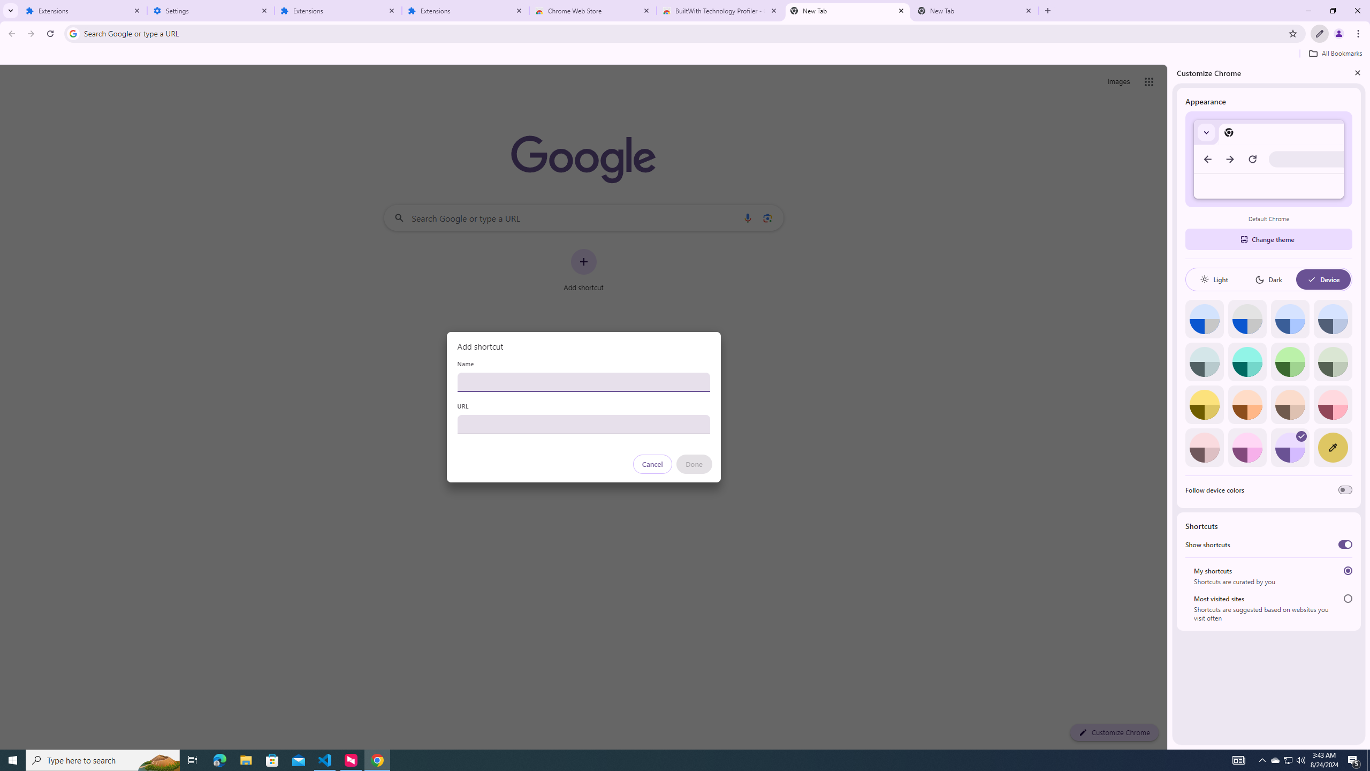  Describe the element at coordinates (1290, 319) in the screenshot. I see `'Blue'` at that location.